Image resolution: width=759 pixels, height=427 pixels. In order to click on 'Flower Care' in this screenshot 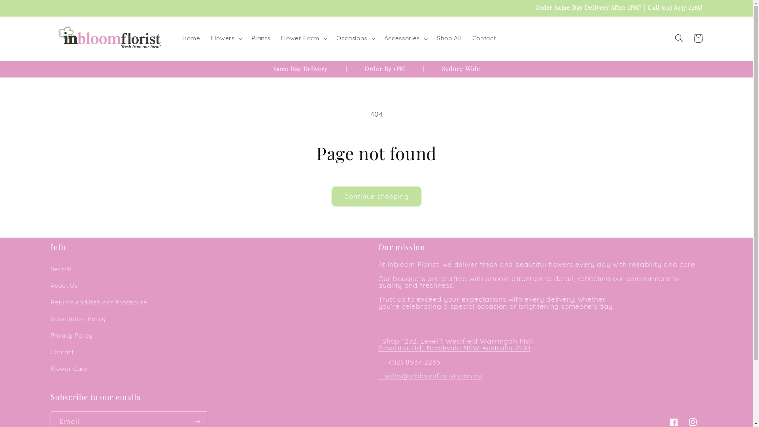, I will do `click(69, 369)`.